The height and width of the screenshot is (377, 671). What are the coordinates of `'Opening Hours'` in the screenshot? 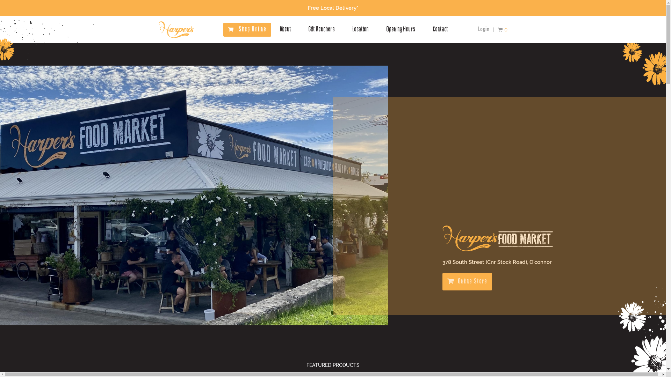 It's located at (385, 29).